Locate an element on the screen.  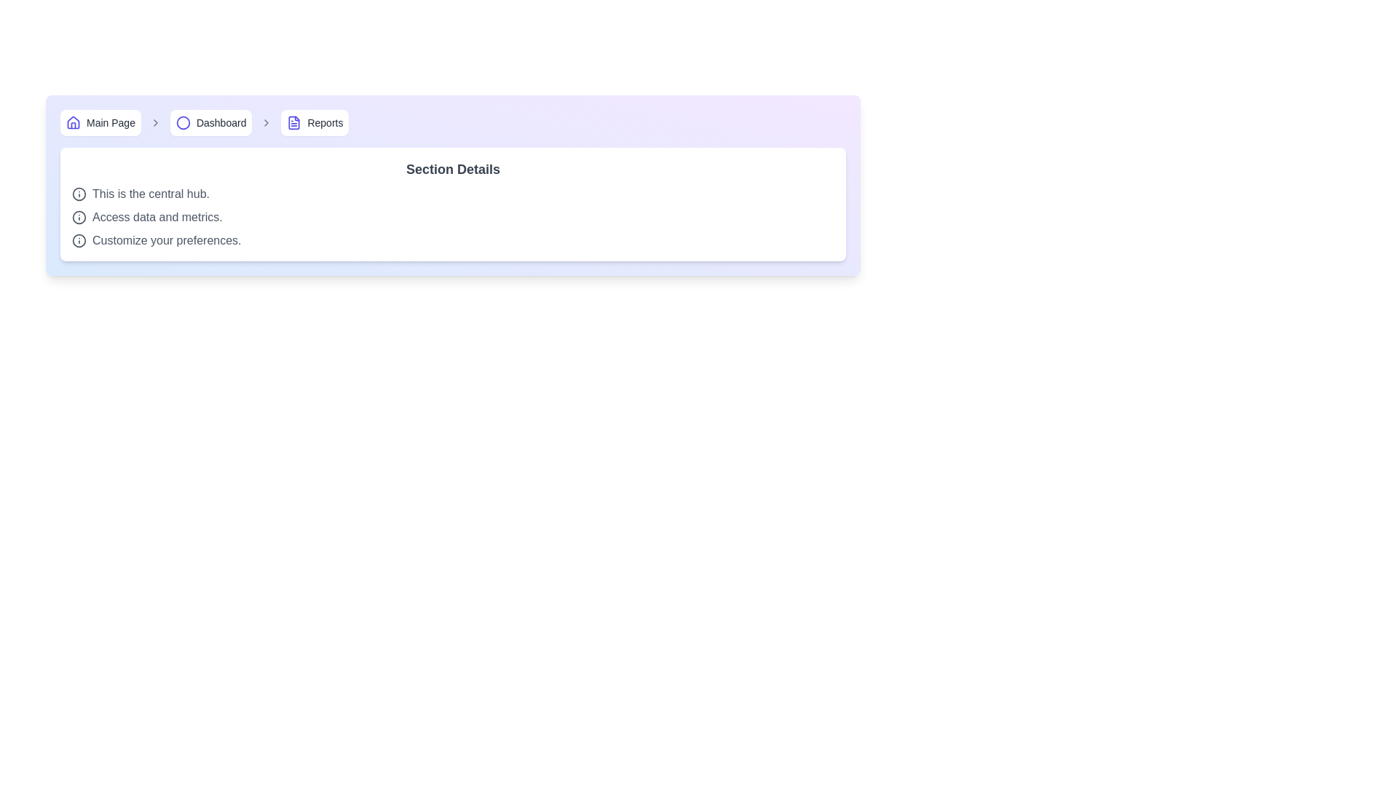
the small circular SVG graphic located in the breadcrumb navigation bar adjacent to the 'Dashboard' label is located at coordinates (182, 122).